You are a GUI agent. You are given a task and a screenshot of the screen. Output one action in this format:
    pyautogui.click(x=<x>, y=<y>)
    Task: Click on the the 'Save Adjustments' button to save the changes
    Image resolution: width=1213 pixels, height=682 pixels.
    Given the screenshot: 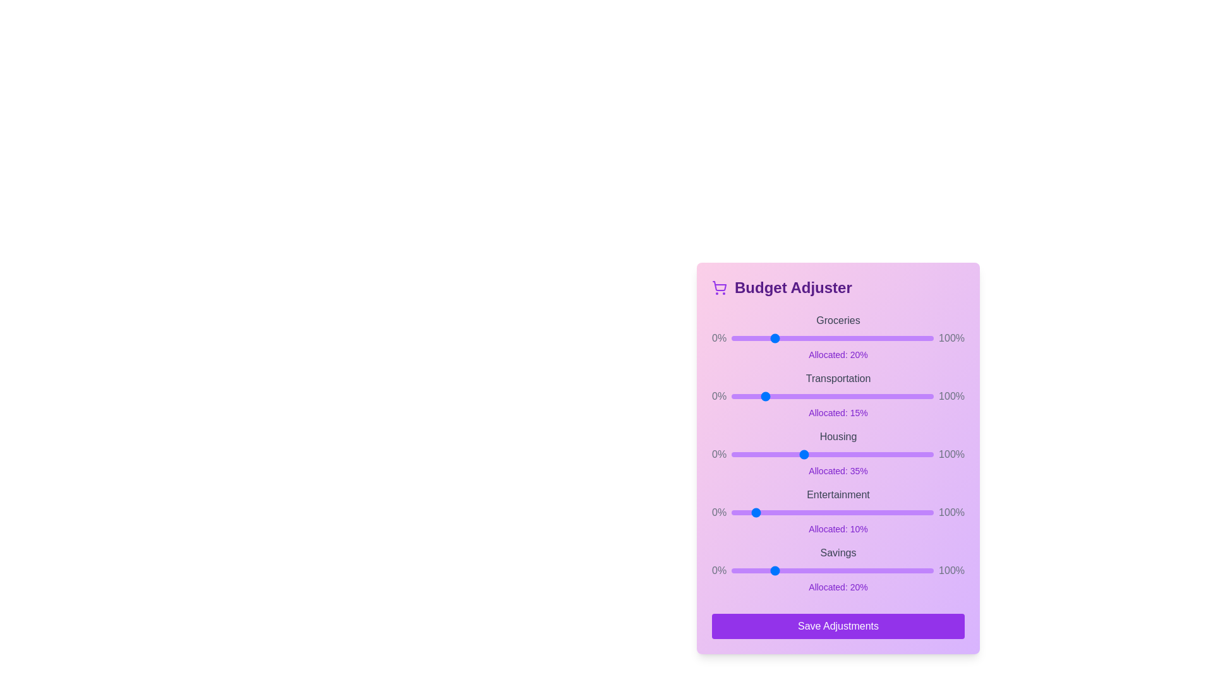 What is the action you would take?
    pyautogui.click(x=838, y=626)
    